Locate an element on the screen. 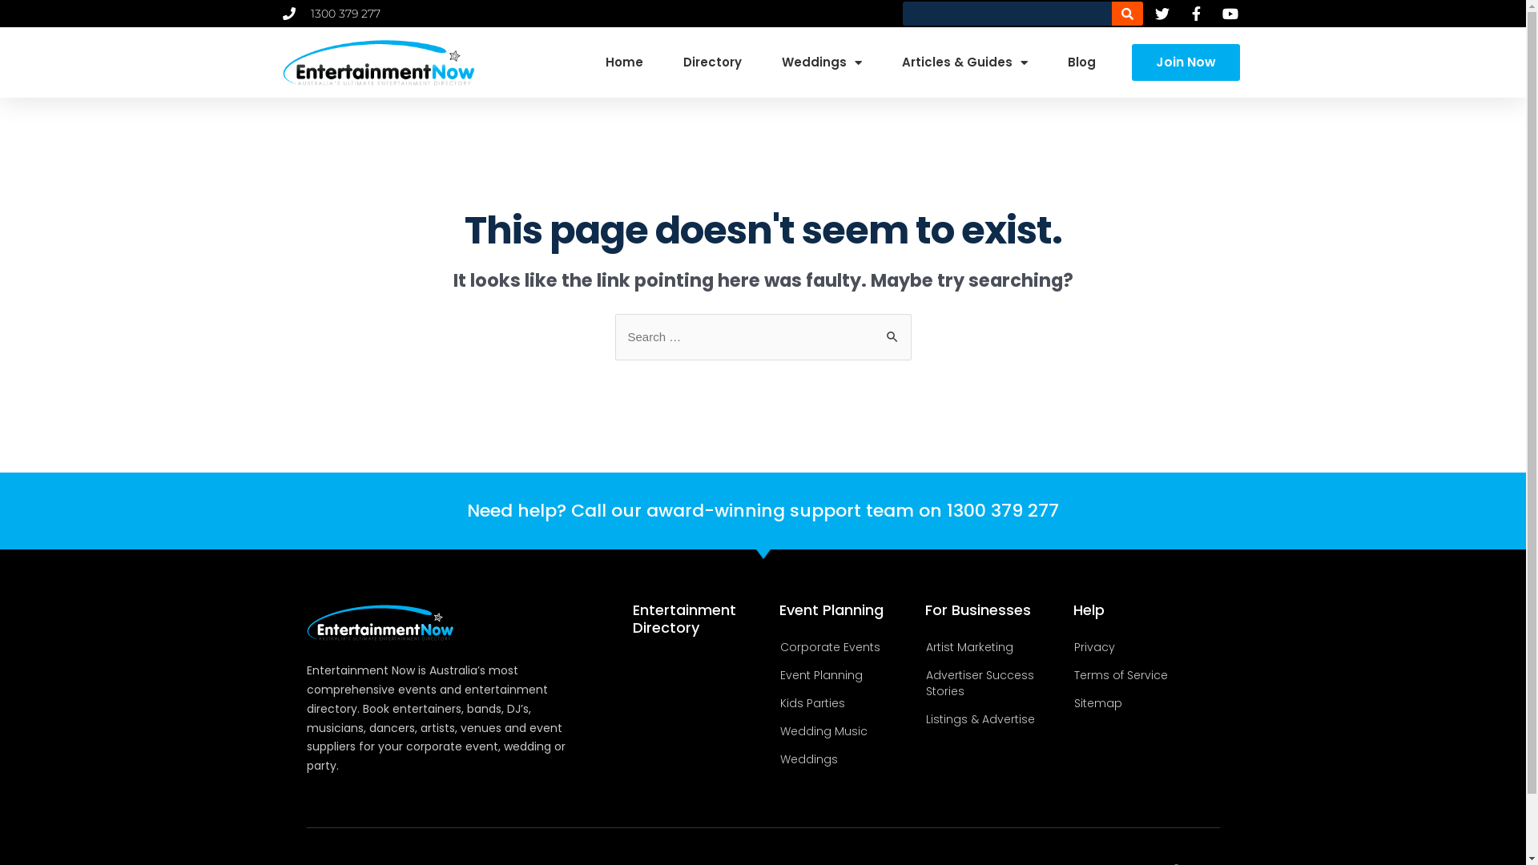 The width and height of the screenshot is (1538, 865). 'Search' is located at coordinates (873, 329).